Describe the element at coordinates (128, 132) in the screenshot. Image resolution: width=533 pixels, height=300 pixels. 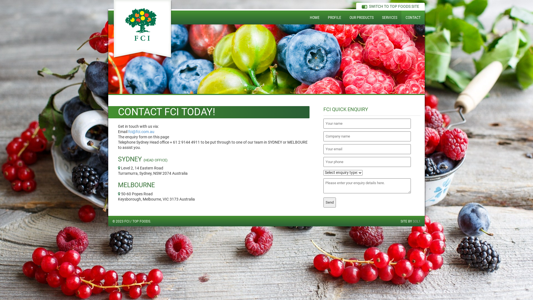
I see `'fci@fci.com.au'` at that location.